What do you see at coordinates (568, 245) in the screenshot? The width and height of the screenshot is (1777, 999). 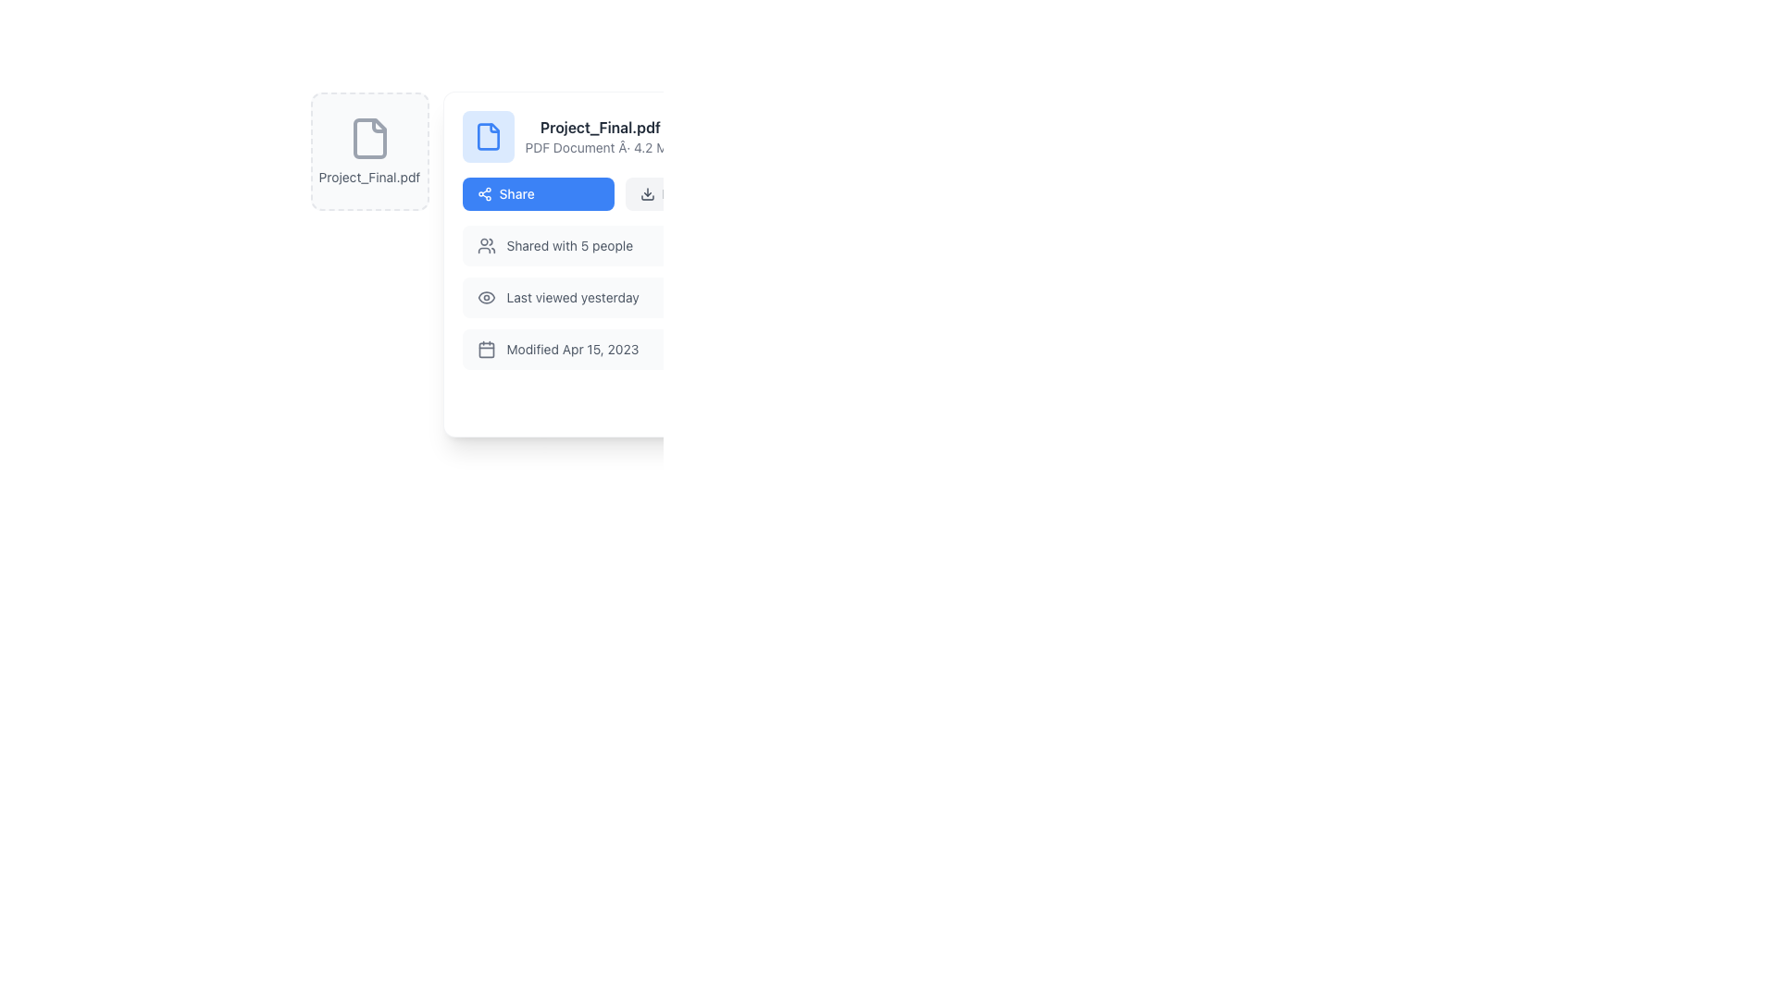 I see `the gray text label that reads 'Shared with 5 people', which is styled in a small font and located to the right of the user icon in the vertical list under 'Project_Final.pdf'` at bounding box center [568, 245].